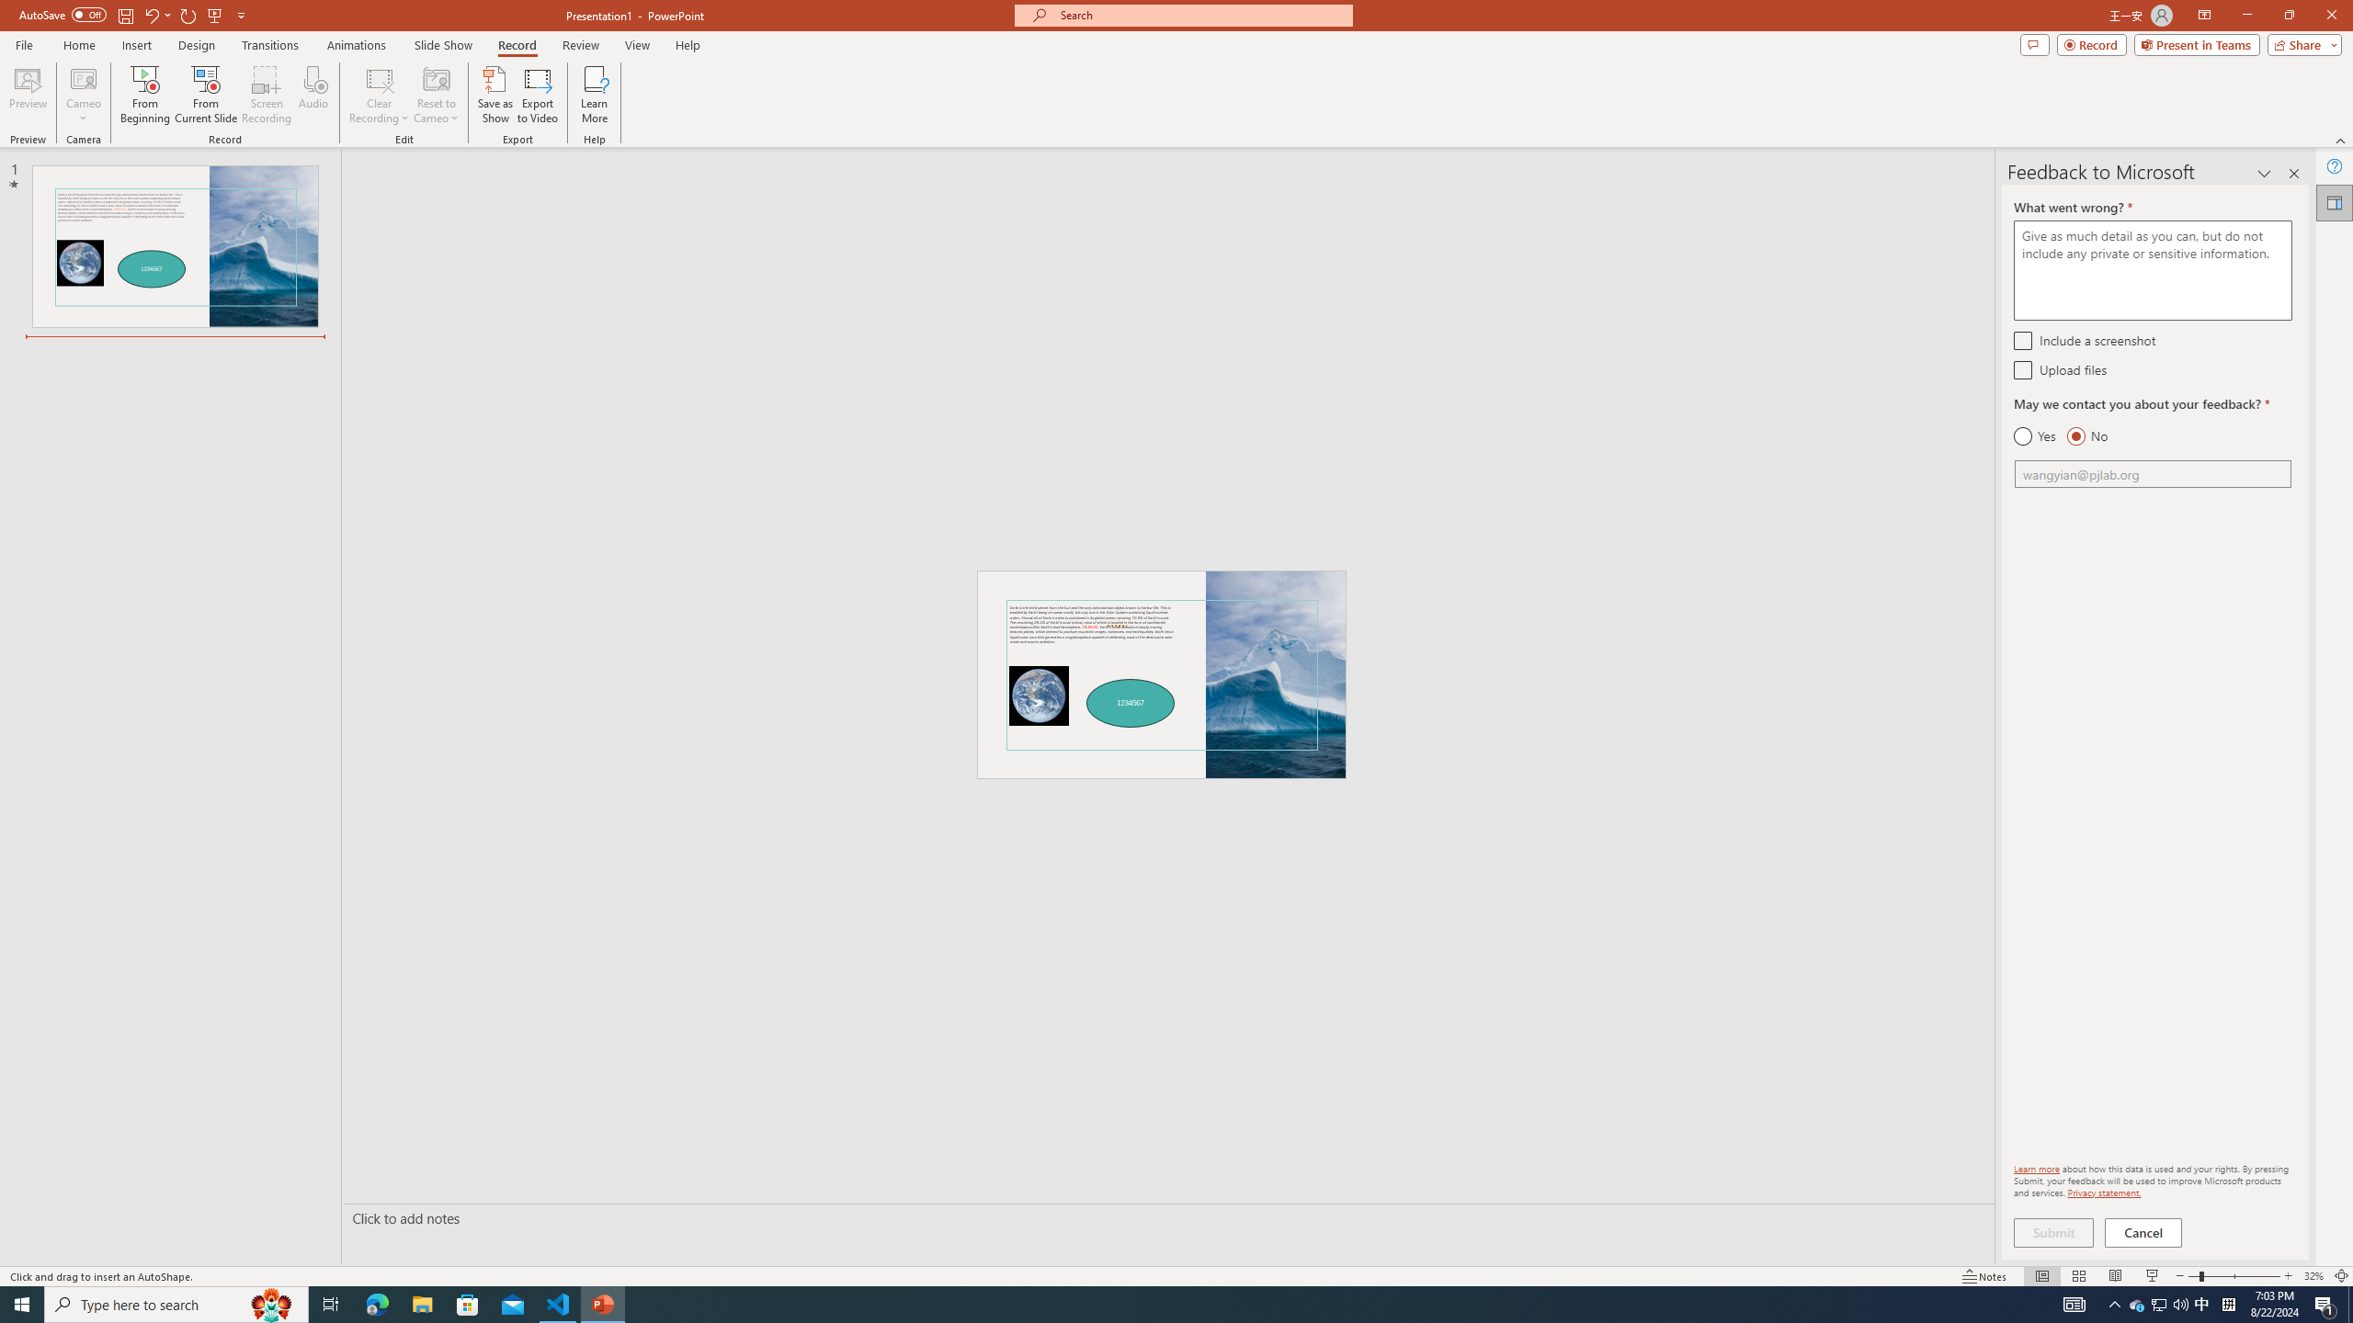 Image resolution: width=2353 pixels, height=1323 pixels. I want to click on 'Learn more', so click(2036, 1168).